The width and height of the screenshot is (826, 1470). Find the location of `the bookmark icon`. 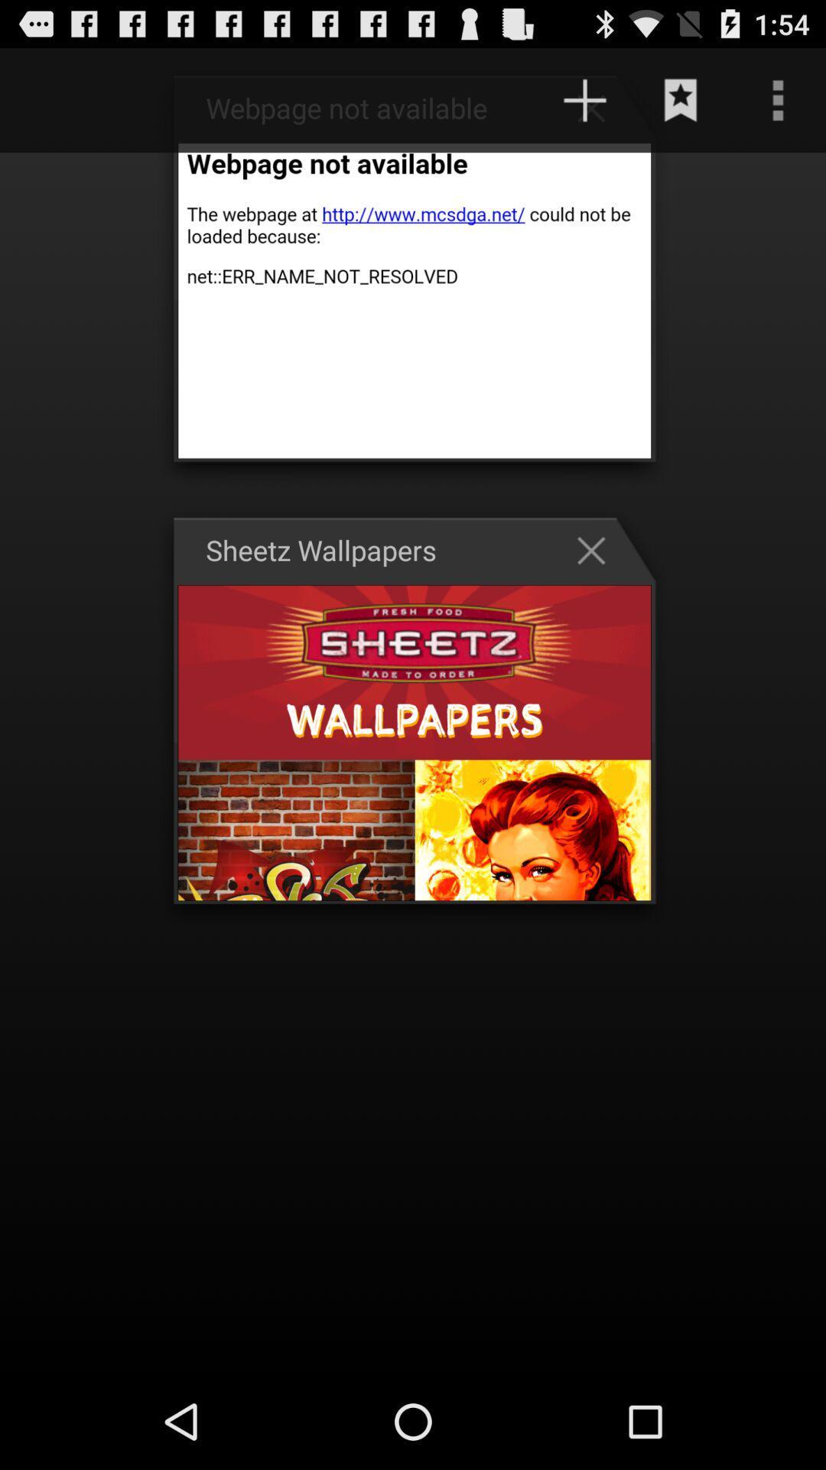

the bookmark icon is located at coordinates (681, 106).